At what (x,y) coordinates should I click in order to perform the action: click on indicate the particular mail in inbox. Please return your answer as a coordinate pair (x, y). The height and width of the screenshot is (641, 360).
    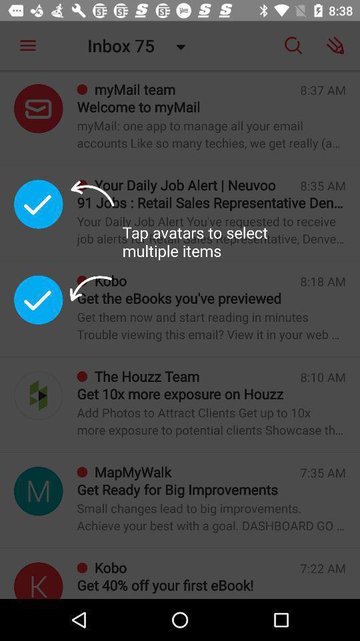
    Looking at the image, I should click on (38, 580).